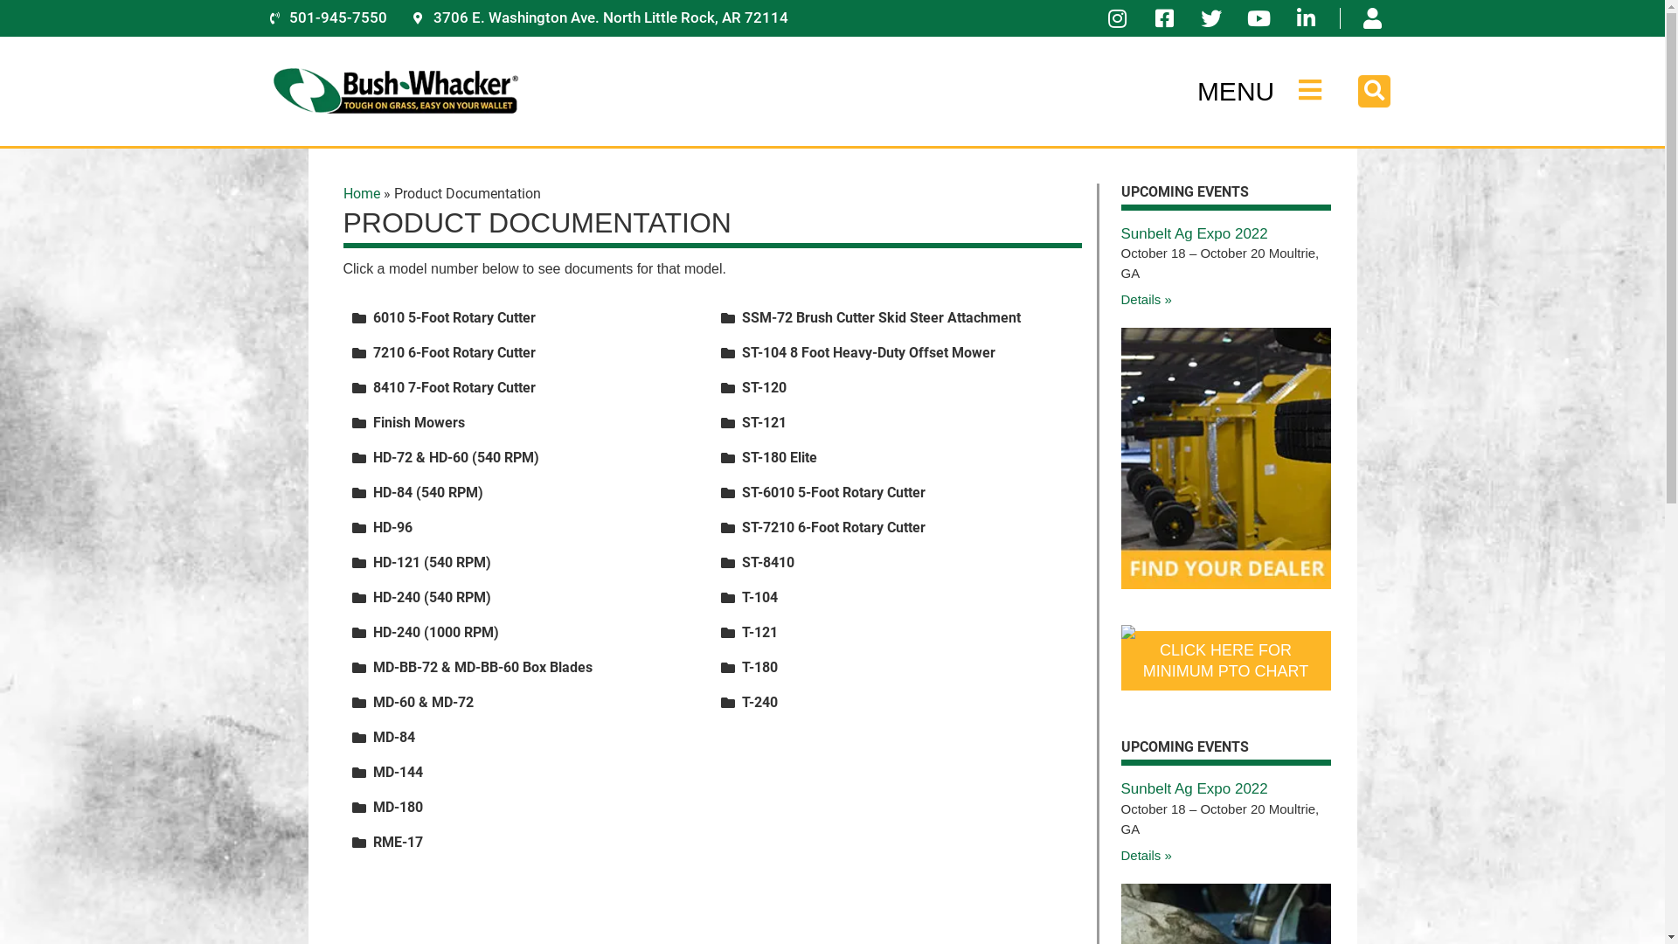 The height and width of the screenshot is (944, 1678). I want to click on 'HD-240 (1000 RPM)', so click(435, 632).